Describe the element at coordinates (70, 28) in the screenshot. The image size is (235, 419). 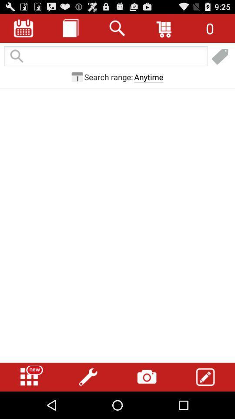
I see `history` at that location.